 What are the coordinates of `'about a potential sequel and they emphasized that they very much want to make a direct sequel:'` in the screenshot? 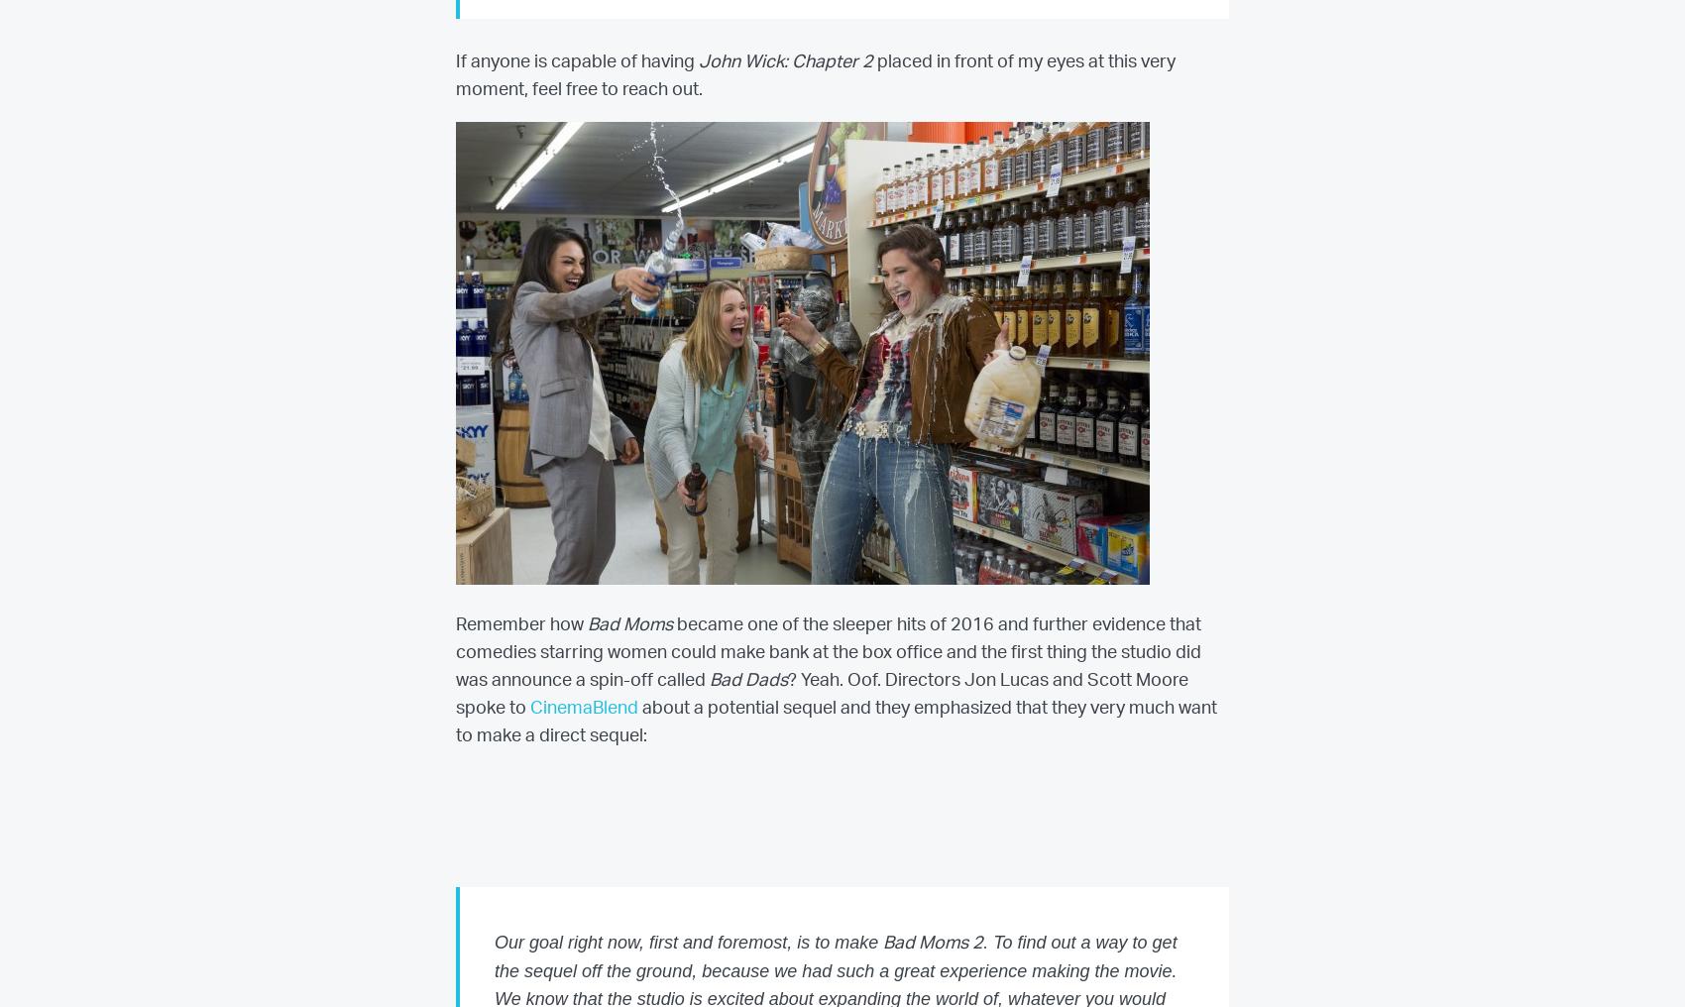 It's located at (836, 722).